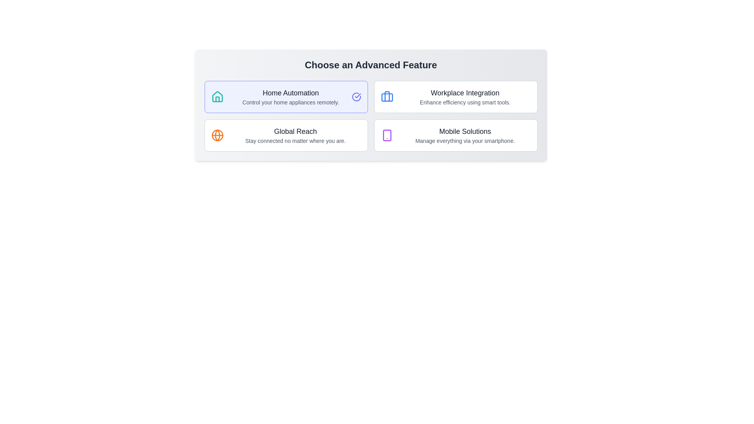 The width and height of the screenshot is (754, 424). What do you see at coordinates (370, 64) in the screenshot?
I see `the header text displaying 'Choose an Advanced Feature'` at bounding box center [370, 64].